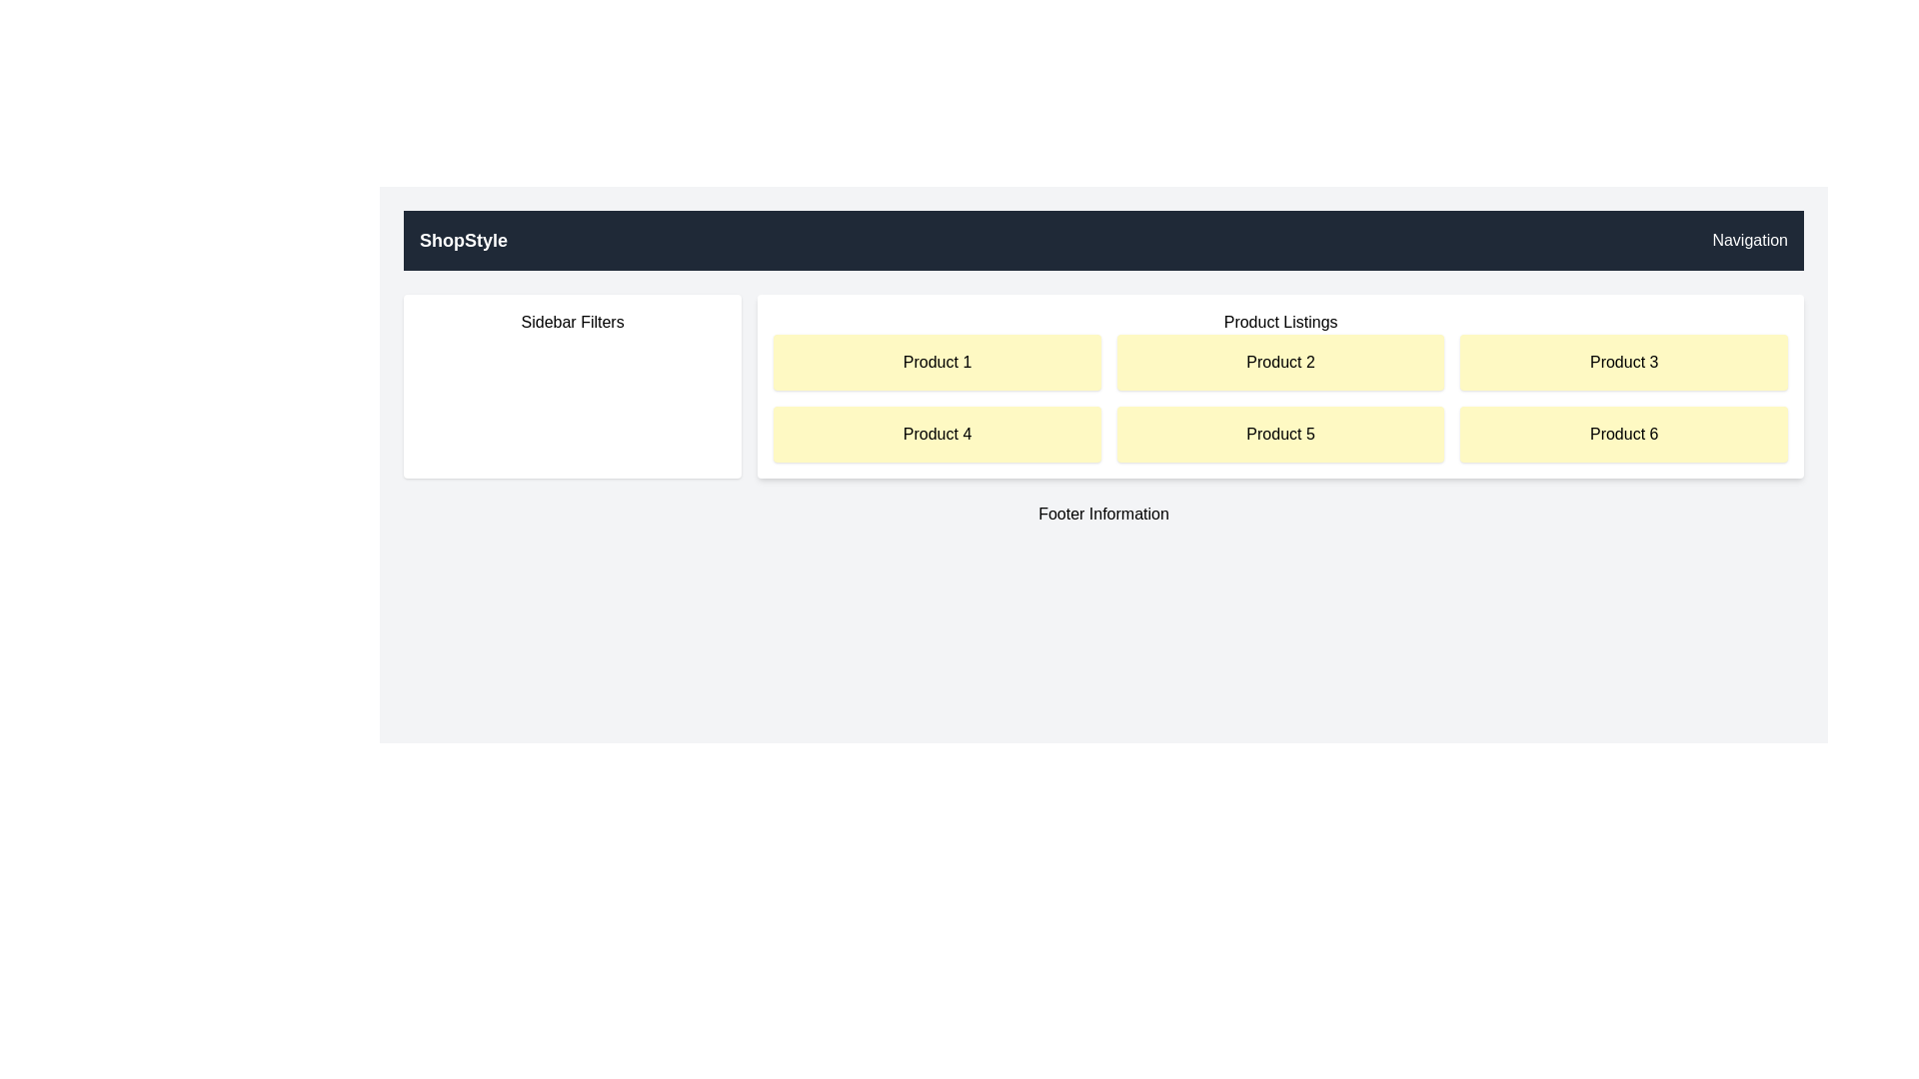  What do you see at coordinates (1280, 362) in the screenshot?
I see `the Text Label that reads 'Product 2', which is the second item in a grid layout with a light yellow background and rounded corners` at bounding box center [1280, 362].